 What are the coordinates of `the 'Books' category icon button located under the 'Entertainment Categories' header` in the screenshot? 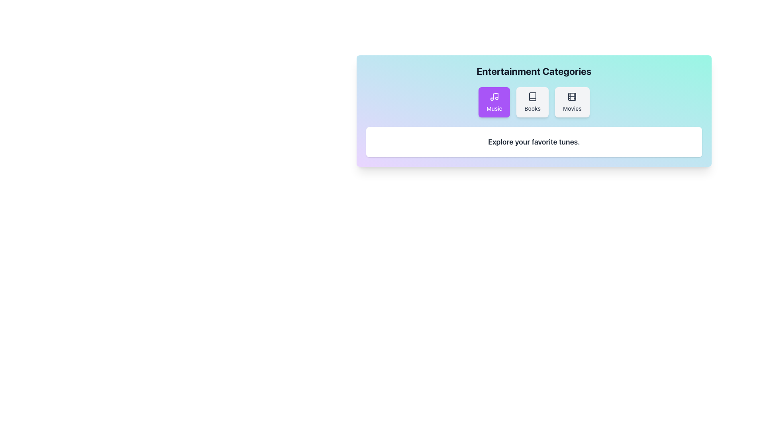 It's located at (532, 96).